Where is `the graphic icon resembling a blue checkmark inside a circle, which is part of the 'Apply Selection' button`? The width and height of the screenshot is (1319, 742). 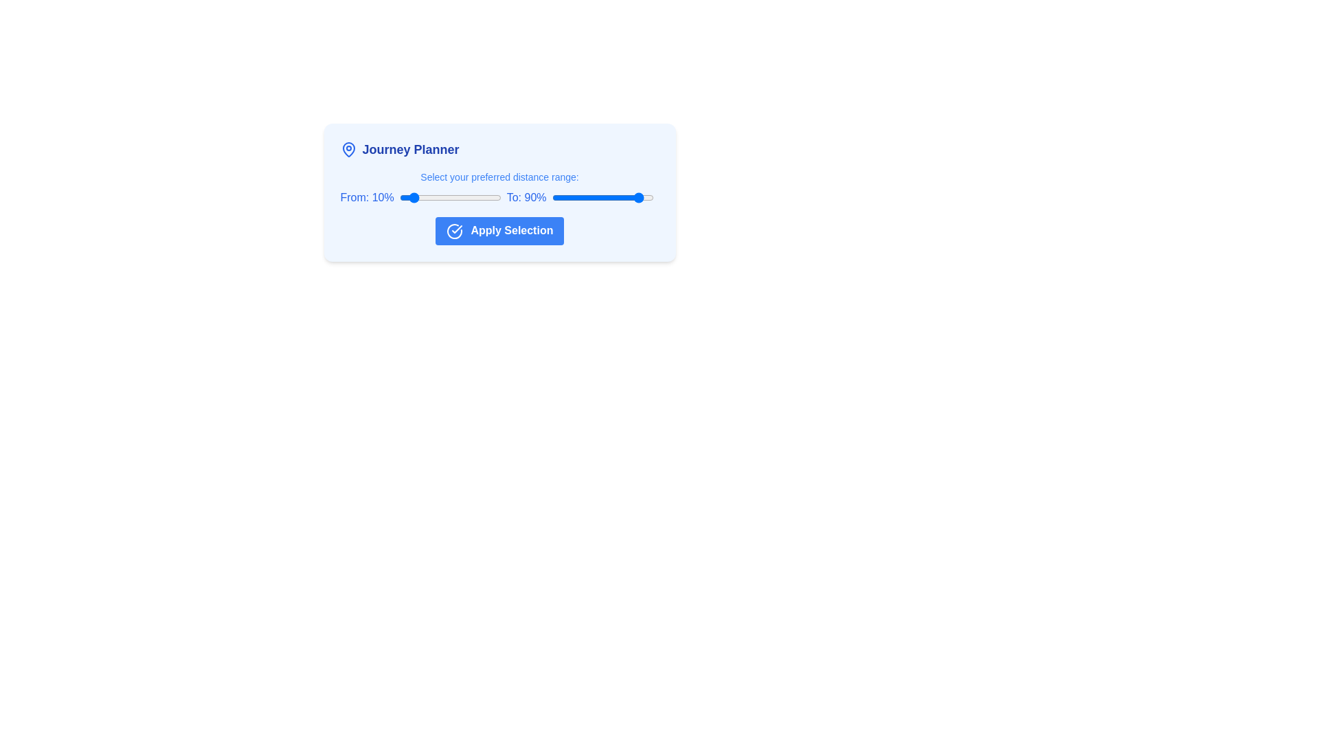
the graphic icon resembling a blue checkmark inside a circle, which is part of the 'Apply Selection' button is located at coordinates (454, 230).